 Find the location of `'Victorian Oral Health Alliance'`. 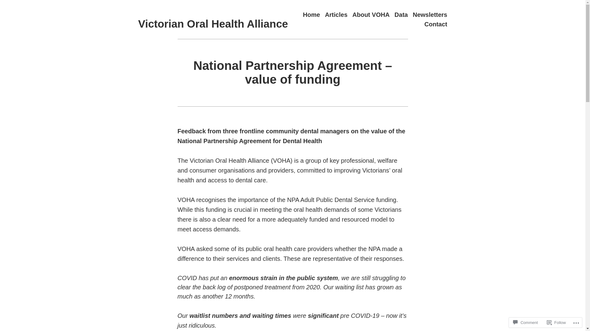

'Victorian Oral Health Alliance' is located at coordinates (213, 23).